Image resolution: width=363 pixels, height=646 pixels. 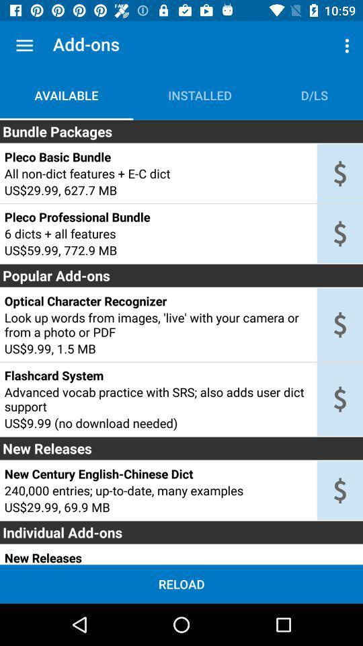 What do you see at coordinates (199, 94) in the screenshot?
I see `installed` at bounding box center [199, 94].